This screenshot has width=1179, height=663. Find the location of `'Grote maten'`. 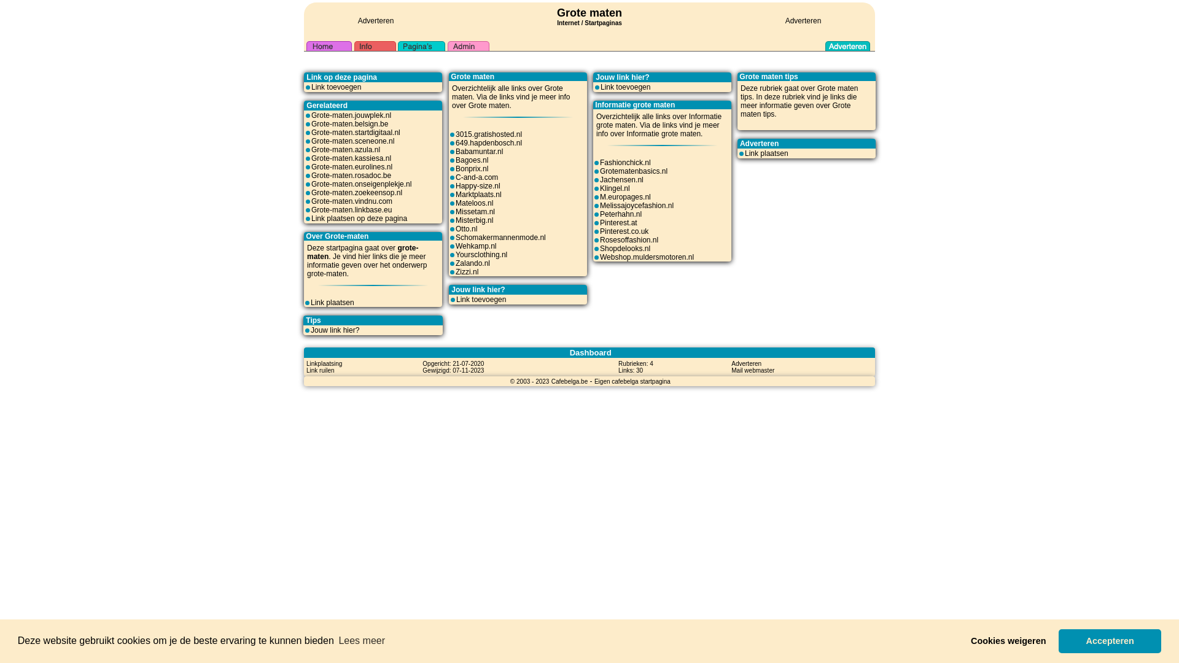

'Grote maten' is located at coordinates (795, 109).